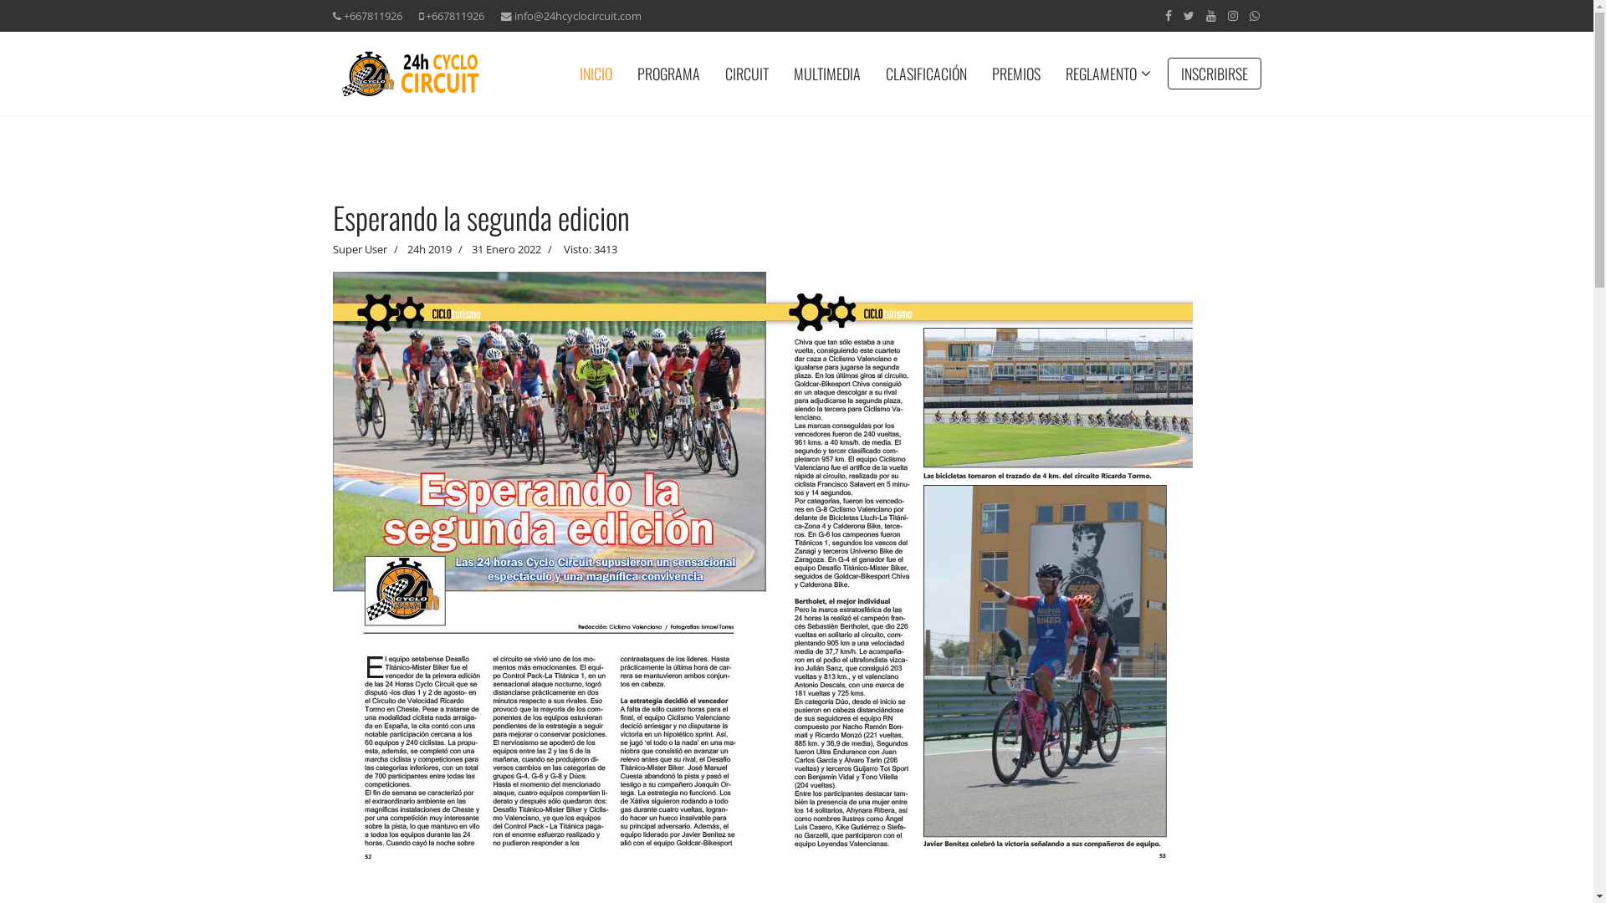 The image size is (1606, 903). Describe the element at coordinates (1214, 73) in the screenshot. I see `'INSCRIBIRSE'` at that location.